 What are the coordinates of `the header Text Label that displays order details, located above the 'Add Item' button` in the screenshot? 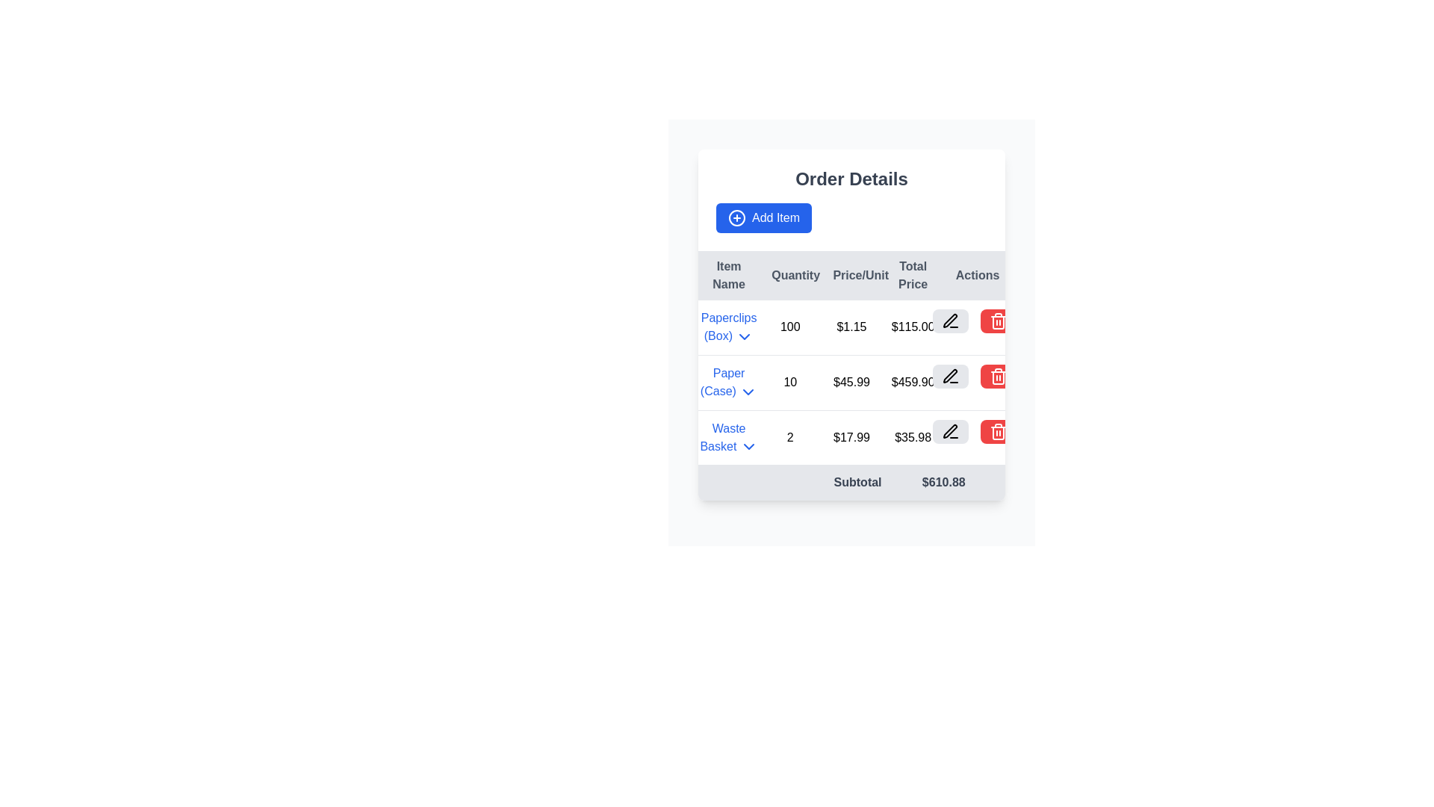 It's located at (851, 178).